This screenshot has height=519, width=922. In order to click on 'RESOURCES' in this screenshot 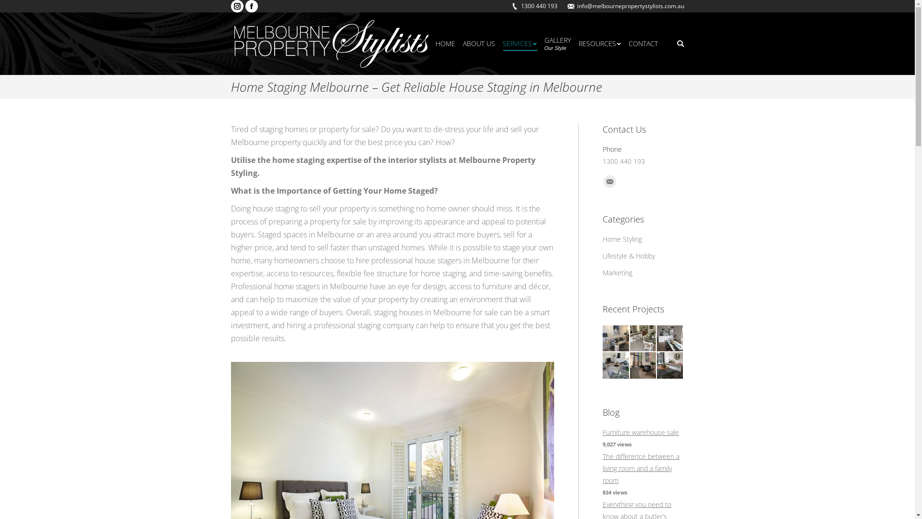, I will do `click(599, 44)`.